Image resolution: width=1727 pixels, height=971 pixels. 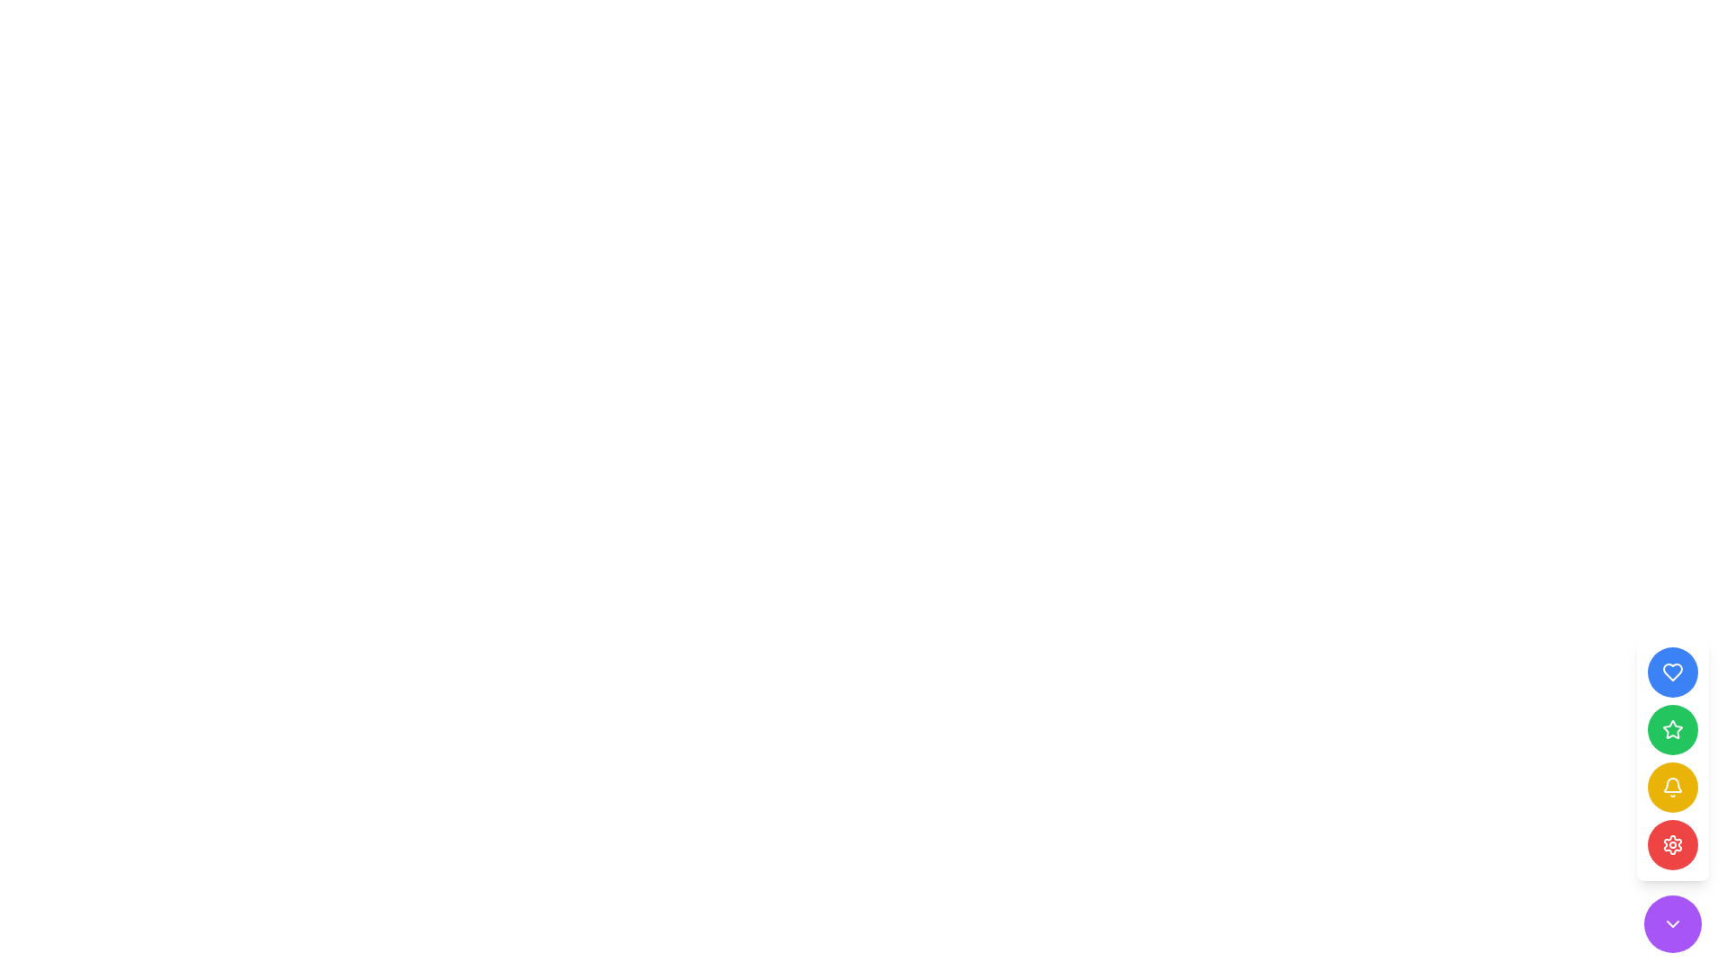 What do you see at coordinates (1672, 673) in the screenshot?
I see `the top icon button from the vertical icon stack located on the right-hand side of the interface` at bounding box center [1672, 673].